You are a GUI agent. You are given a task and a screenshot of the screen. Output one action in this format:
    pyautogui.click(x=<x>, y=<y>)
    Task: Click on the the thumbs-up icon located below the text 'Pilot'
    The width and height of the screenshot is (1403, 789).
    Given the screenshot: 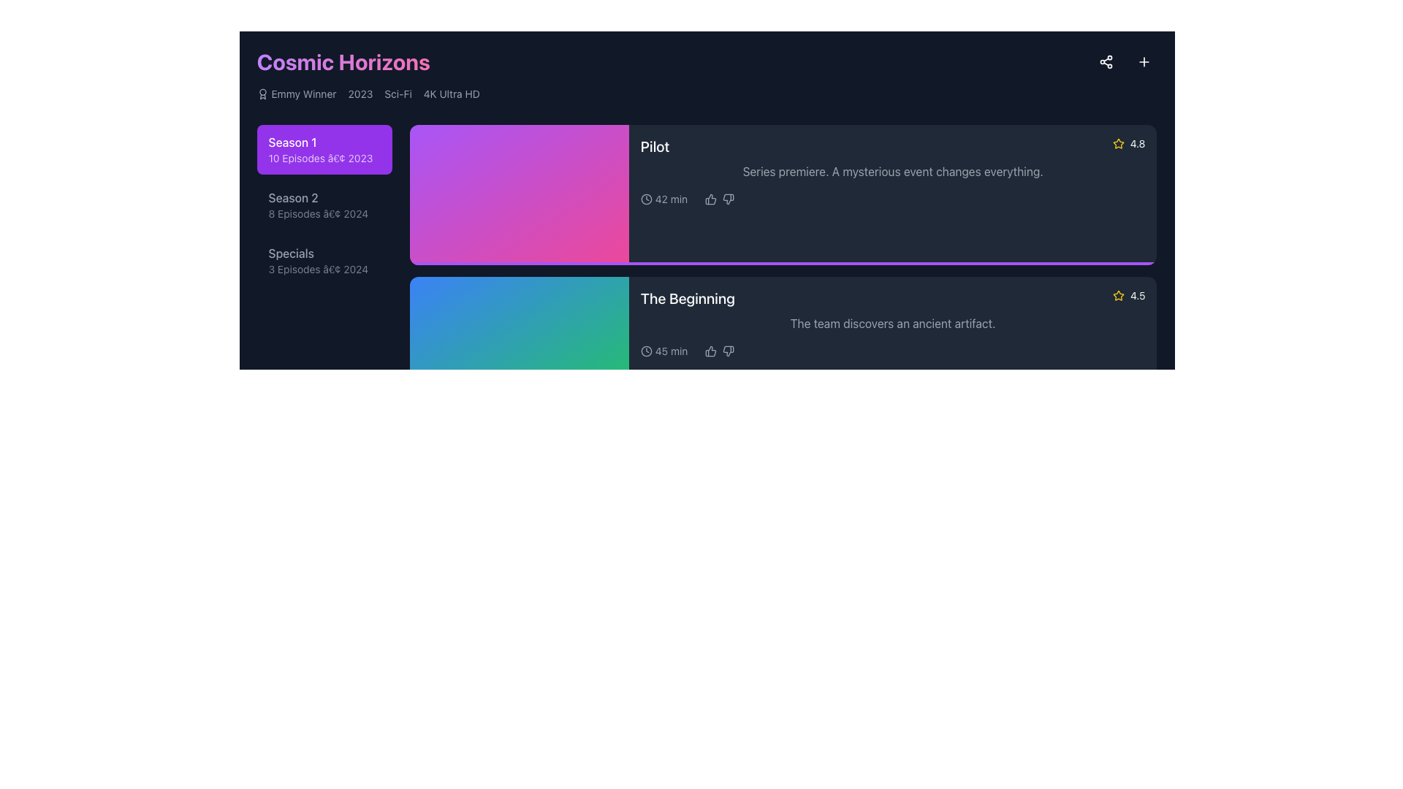 What is the action you would take?
    pyautogui.click(x=711, y=199)
    